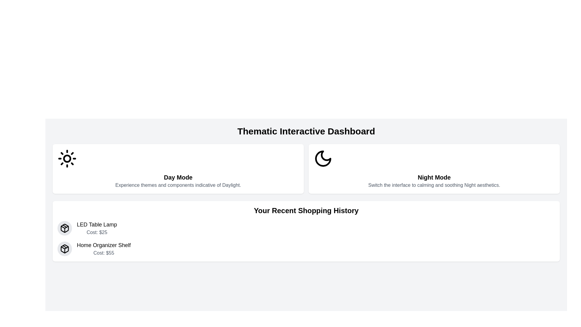  What do you see at coordinates (65, 249) in the screenshot?
I see `the icon representing 'Home Organizer Shelf' located under the 'Your Recent Shopping History' heading, specifically on the left side of the text` at bounding box center [65, 249].